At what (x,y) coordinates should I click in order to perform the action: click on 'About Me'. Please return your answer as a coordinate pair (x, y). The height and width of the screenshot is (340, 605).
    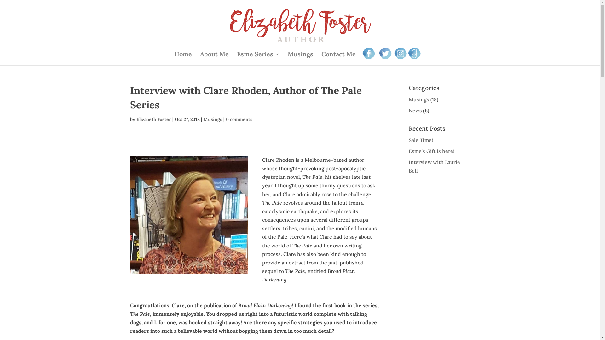
    Looking at the image, I should click on (214, 59).